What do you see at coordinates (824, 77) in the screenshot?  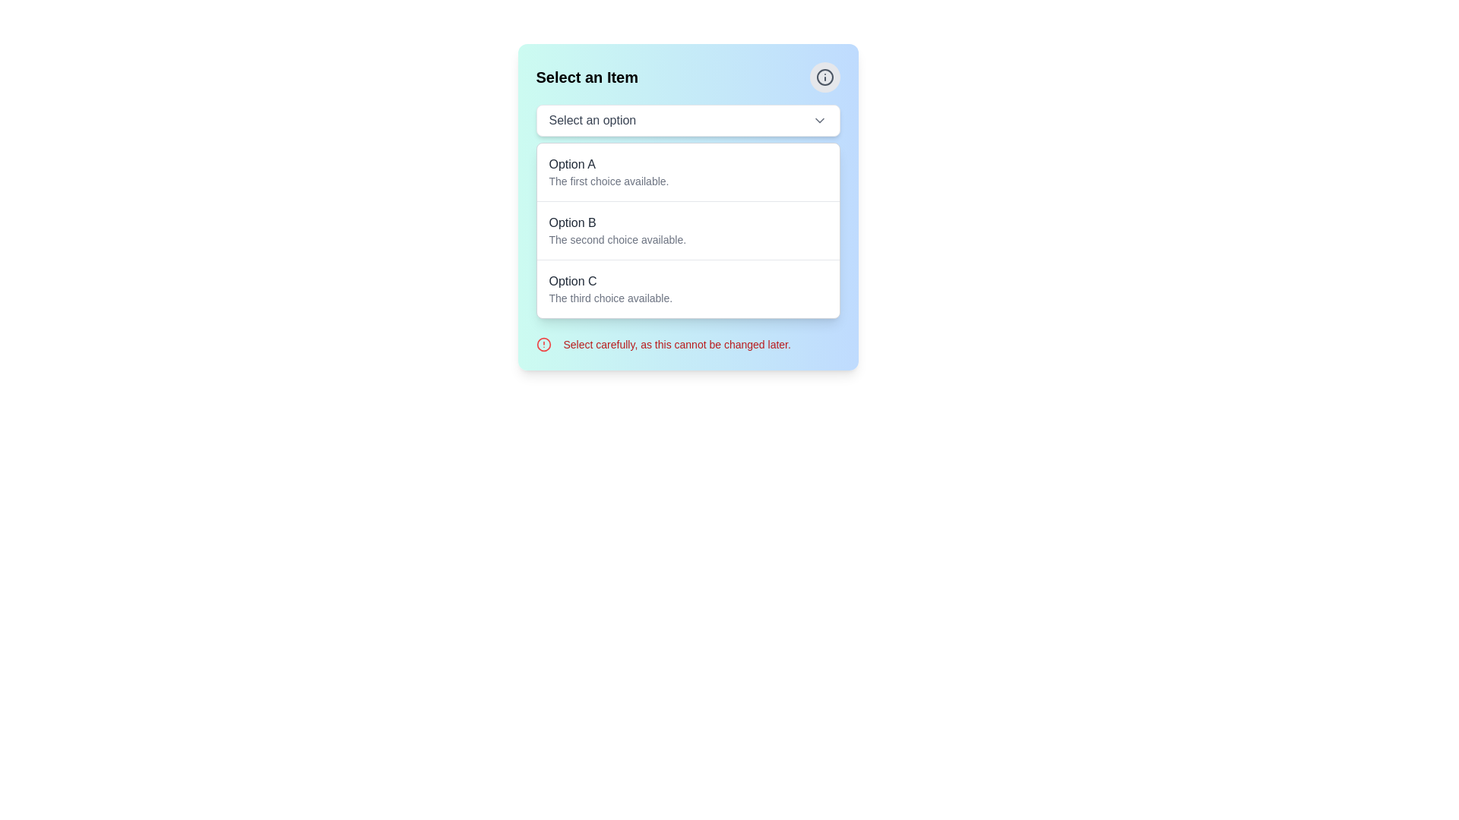 I see `the circular information icon with a gray border and 'i' symbol located` at bounding box center [824, 77].